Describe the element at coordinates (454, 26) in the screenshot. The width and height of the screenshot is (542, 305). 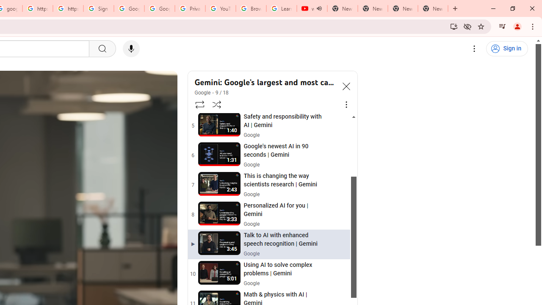
I see `'Install YouTube'` at that location.